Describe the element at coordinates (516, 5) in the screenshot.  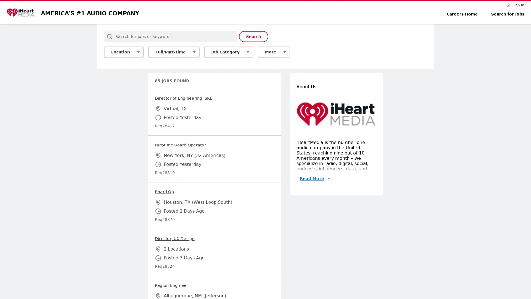
I see `Sign In` at that location.